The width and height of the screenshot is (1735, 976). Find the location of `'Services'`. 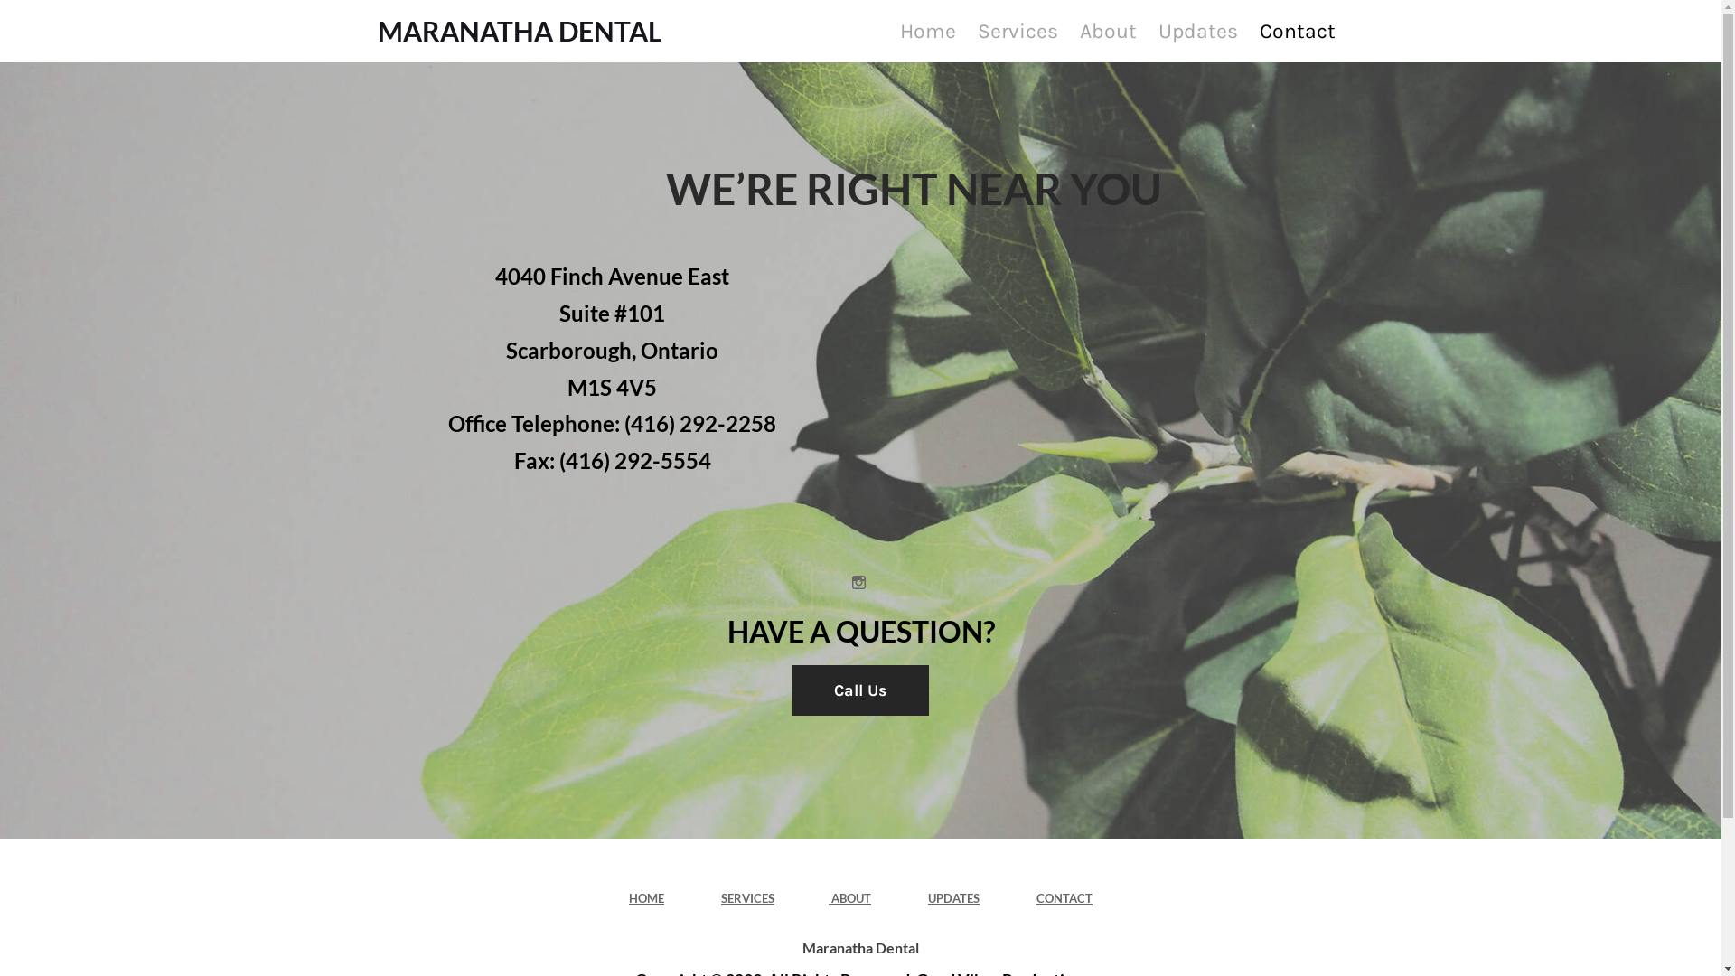

'Services' is located at coordinates (1017, 31).